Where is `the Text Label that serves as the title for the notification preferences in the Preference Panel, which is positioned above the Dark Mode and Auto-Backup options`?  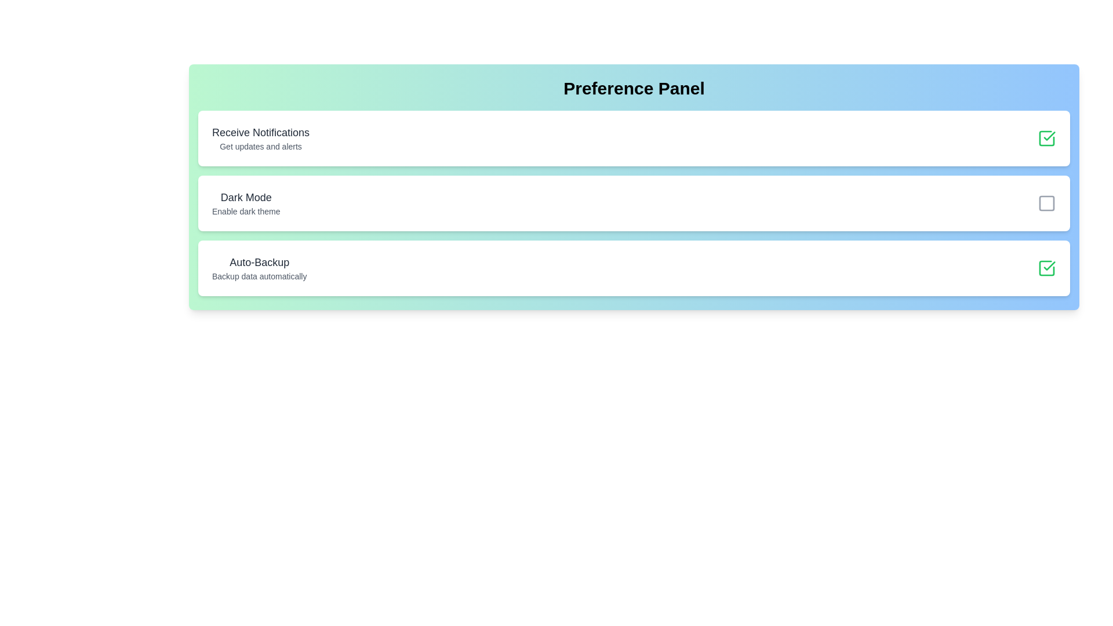 the Text Label that serves as the title for the notification preferences in the Preference Panel, which is positioned above the Dark Mode and Auto-Backup options is located at coordinates (260, 132).